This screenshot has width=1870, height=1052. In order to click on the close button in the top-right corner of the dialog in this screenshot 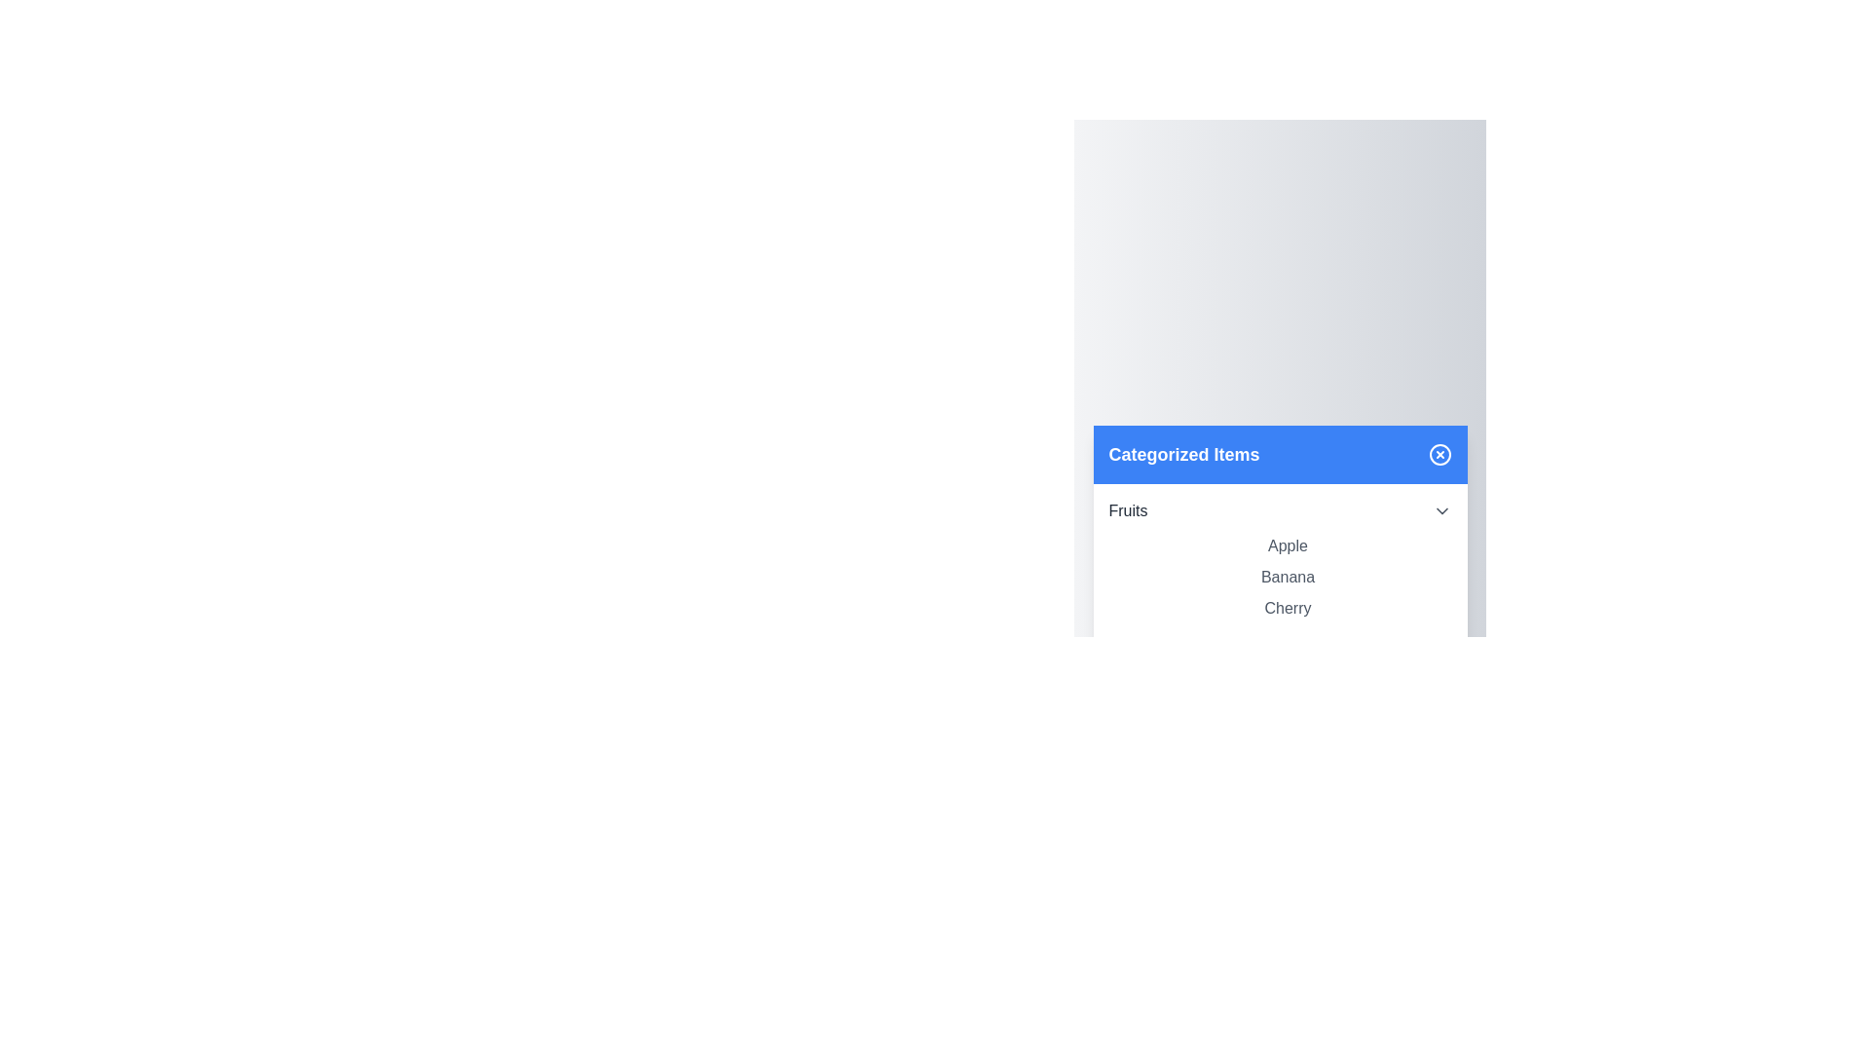, I will do `click(1440, 454)`.